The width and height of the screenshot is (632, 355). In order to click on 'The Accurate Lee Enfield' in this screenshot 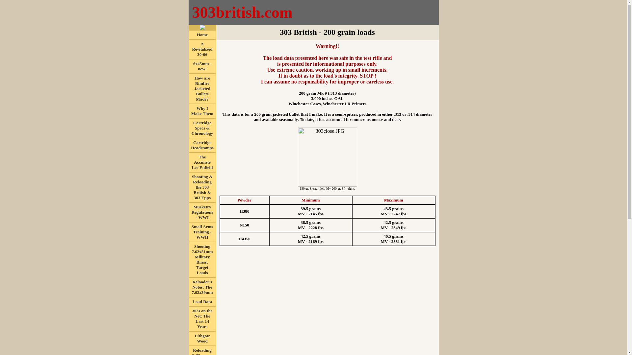, I will do `click(202, 162)`.